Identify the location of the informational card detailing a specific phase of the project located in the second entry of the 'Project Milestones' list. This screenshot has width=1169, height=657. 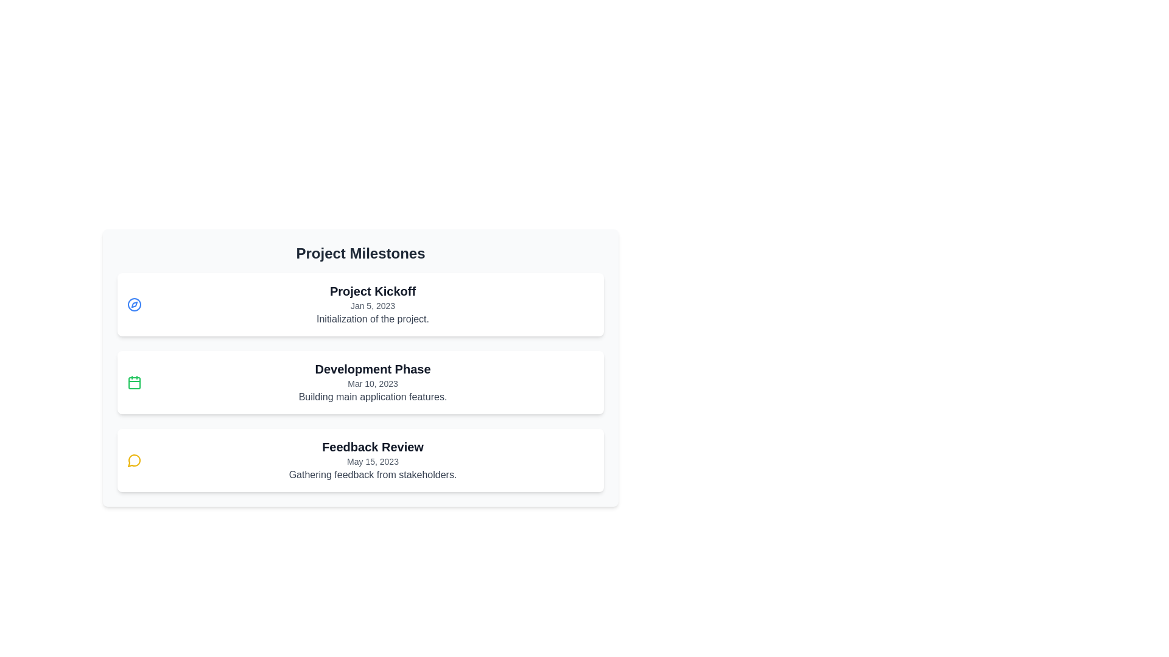
(372, 381).